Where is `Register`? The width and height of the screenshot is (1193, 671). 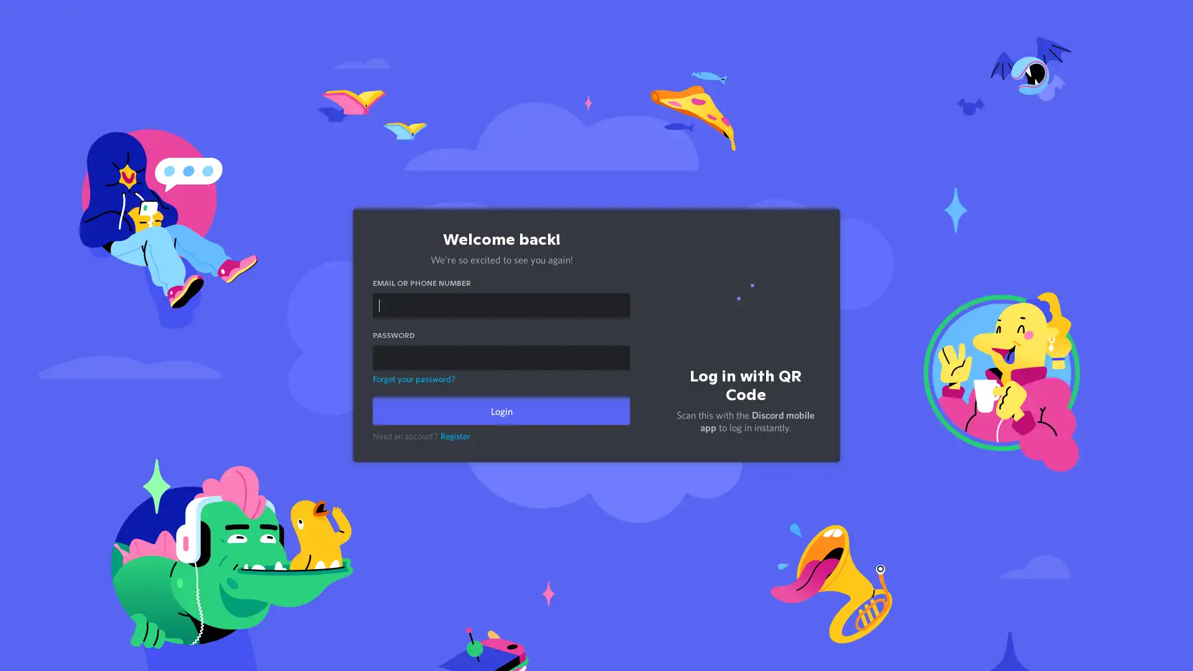
Register is located at coordinates (455, 436).